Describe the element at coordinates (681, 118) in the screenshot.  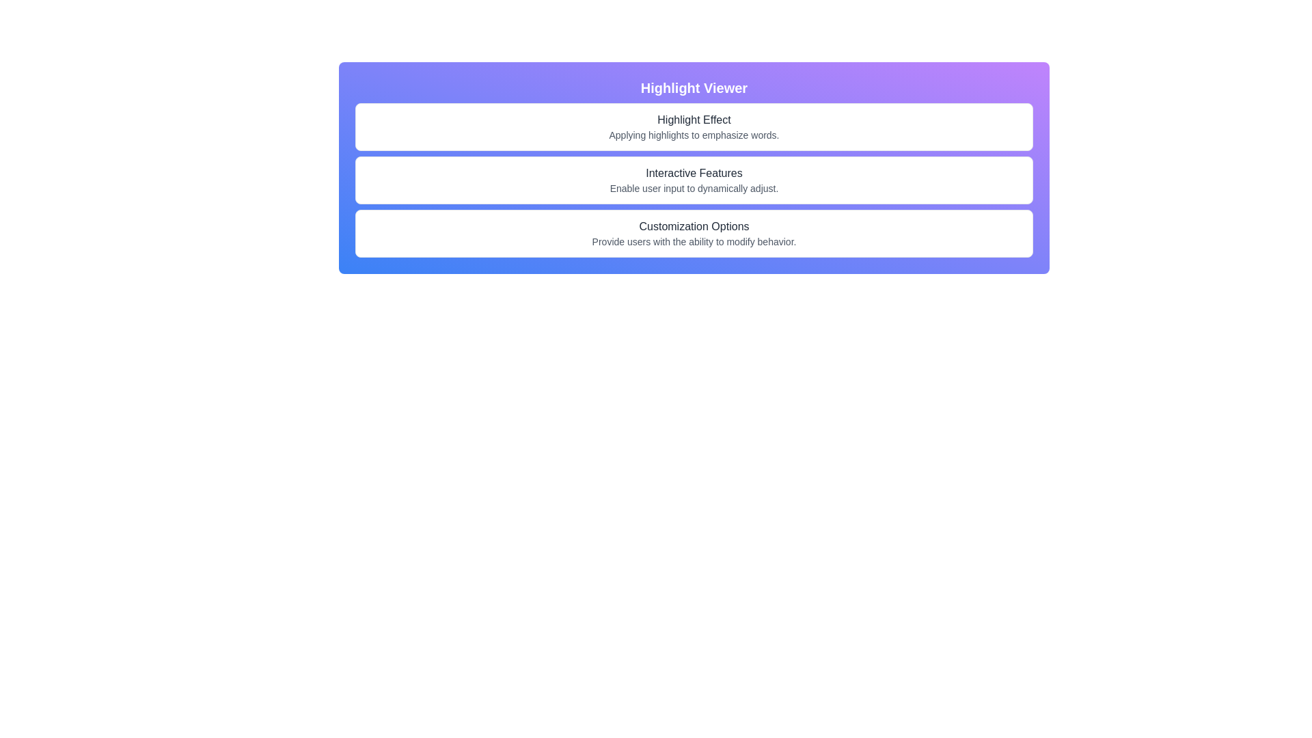
I see `the glyph 'l' in the text 'Highlight Effect', which is styled in a medium font weight and gray color, located under the header 'Highlight Viewer'` at that location.